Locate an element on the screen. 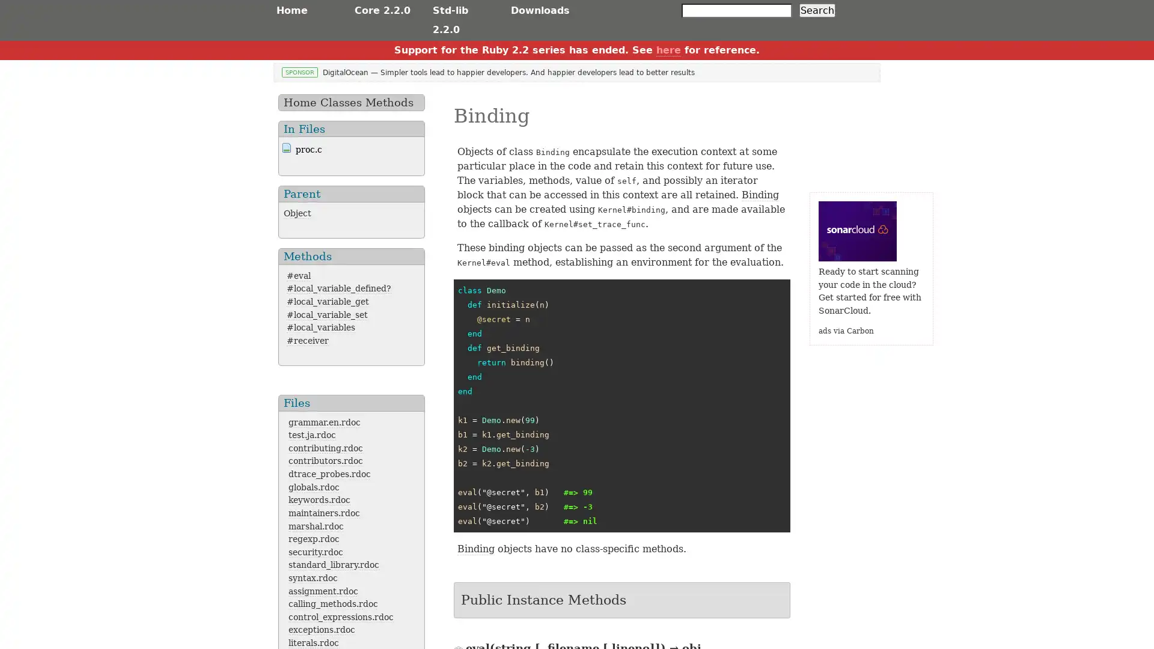 Image resolution: width=1154 pixels, height=649 pixels. Search is located at coordinates (817, 10).